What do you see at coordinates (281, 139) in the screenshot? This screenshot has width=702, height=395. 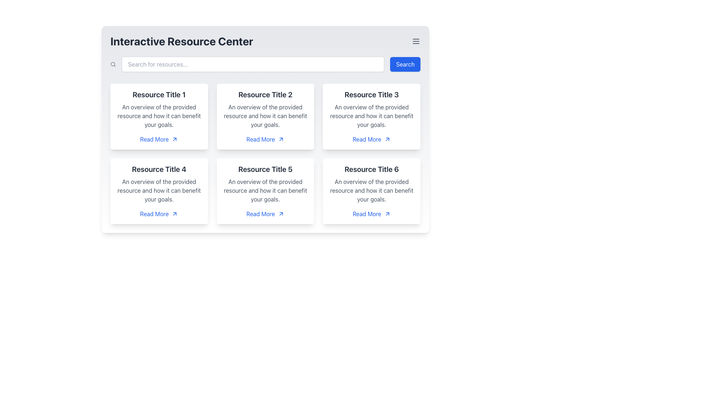 I see `the visual indicator icon located in the second column of the first row, which accompanies the 'Read More' link` at bounding box center [281, 139].